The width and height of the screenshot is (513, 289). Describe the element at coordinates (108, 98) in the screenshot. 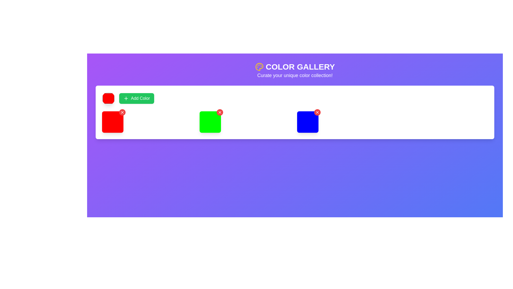

I see `the red circular color display selector located to the left of the green 'Add Color' button` at that location.